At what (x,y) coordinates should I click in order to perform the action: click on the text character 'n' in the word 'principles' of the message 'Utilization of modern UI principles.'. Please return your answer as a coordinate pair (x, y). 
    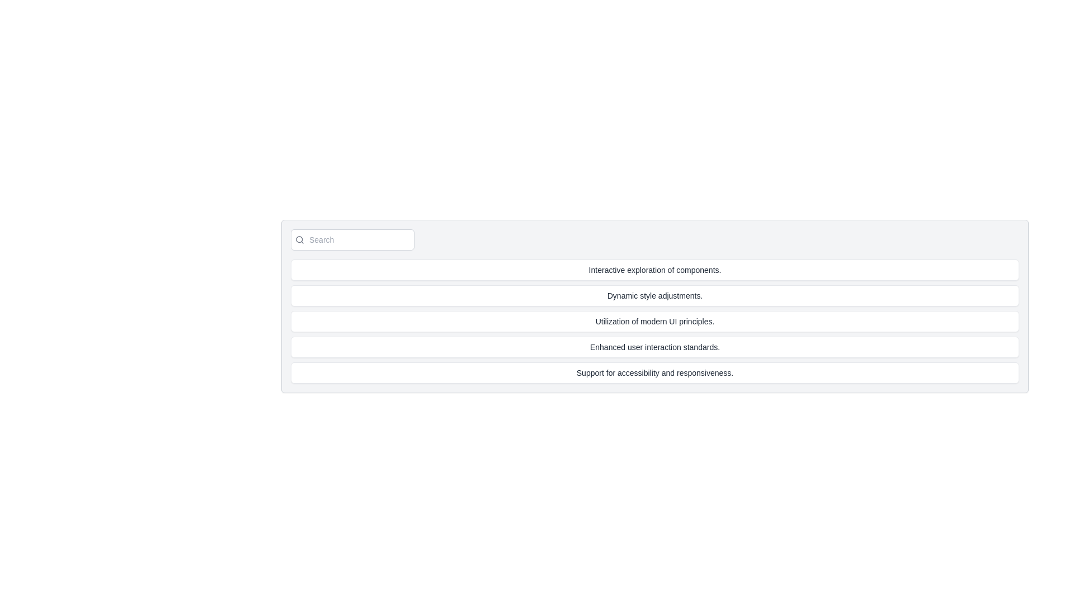
    Looking at the image, I should click on (689, 321).